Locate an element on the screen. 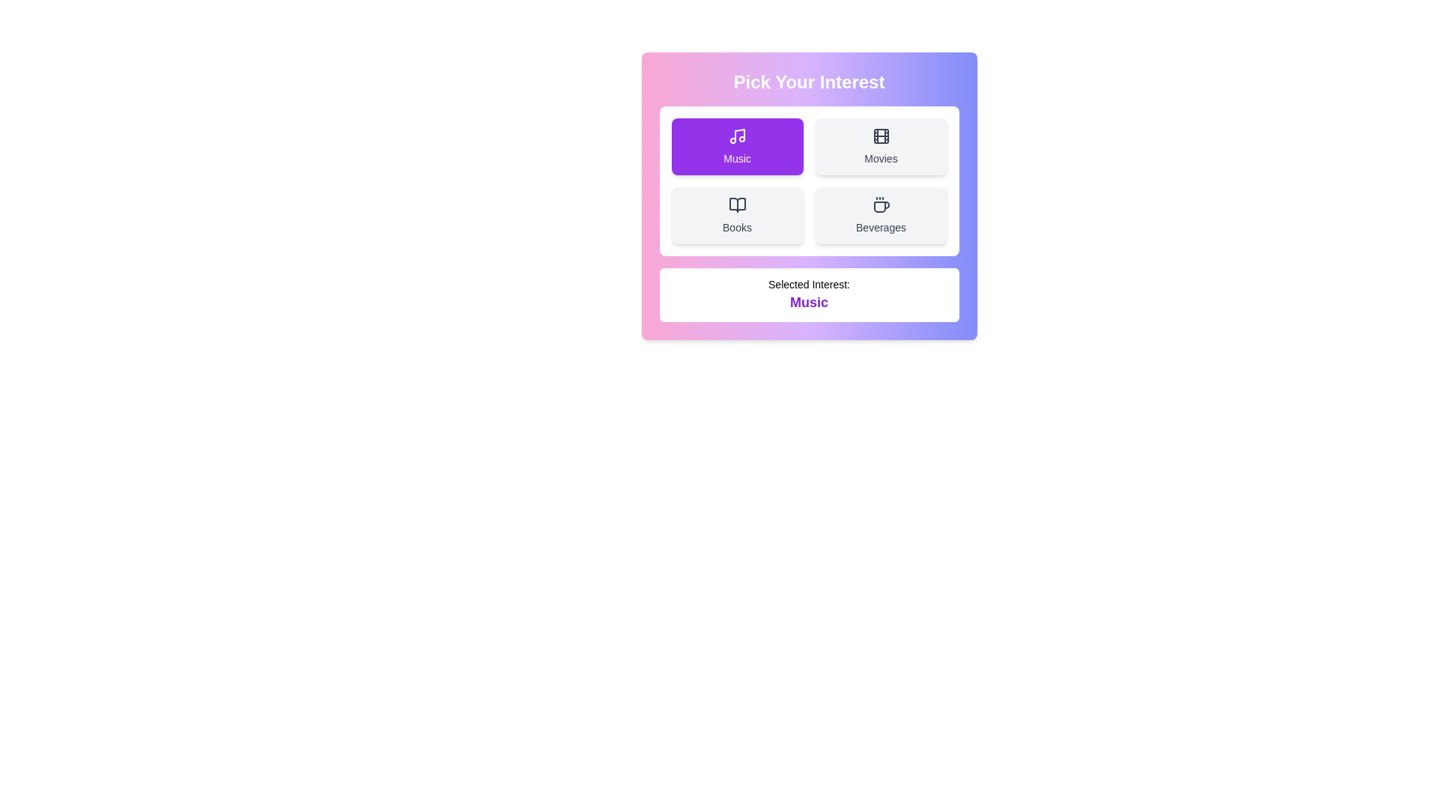  the button labeled 'Books' to observe the hover effect is located at coordinates (737, 216).